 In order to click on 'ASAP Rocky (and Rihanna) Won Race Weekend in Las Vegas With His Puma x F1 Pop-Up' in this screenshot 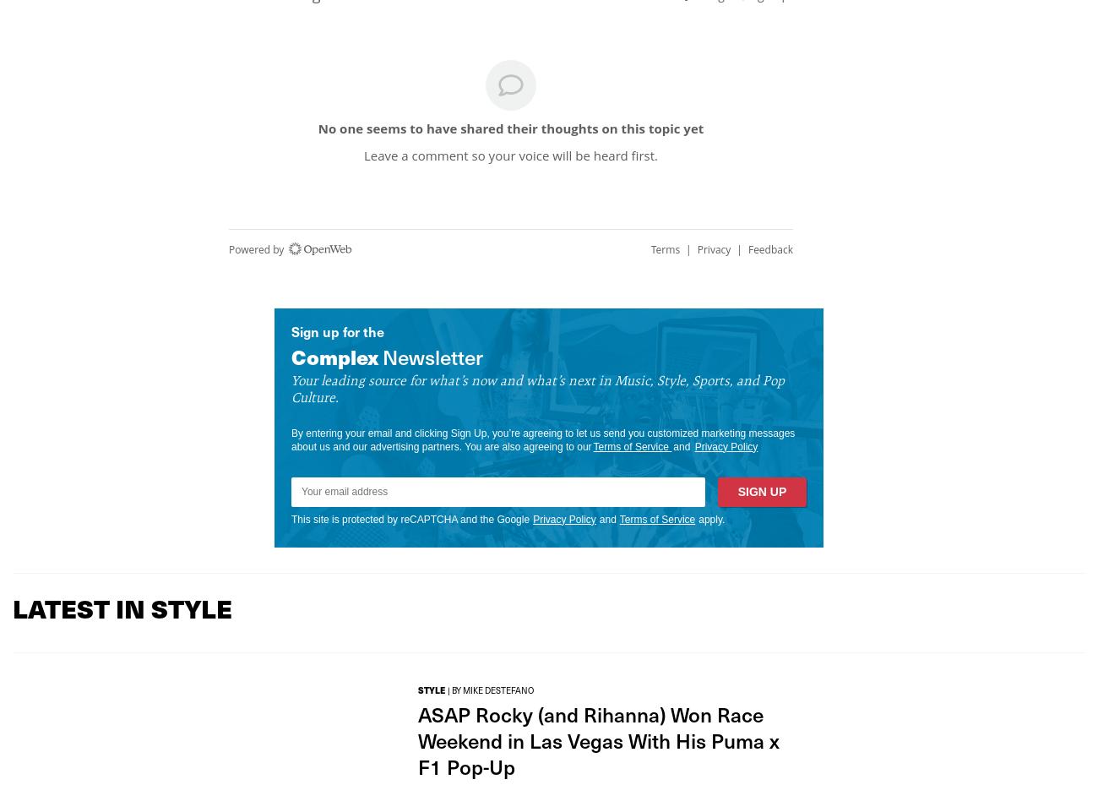, I will do `click(418, 739)`.